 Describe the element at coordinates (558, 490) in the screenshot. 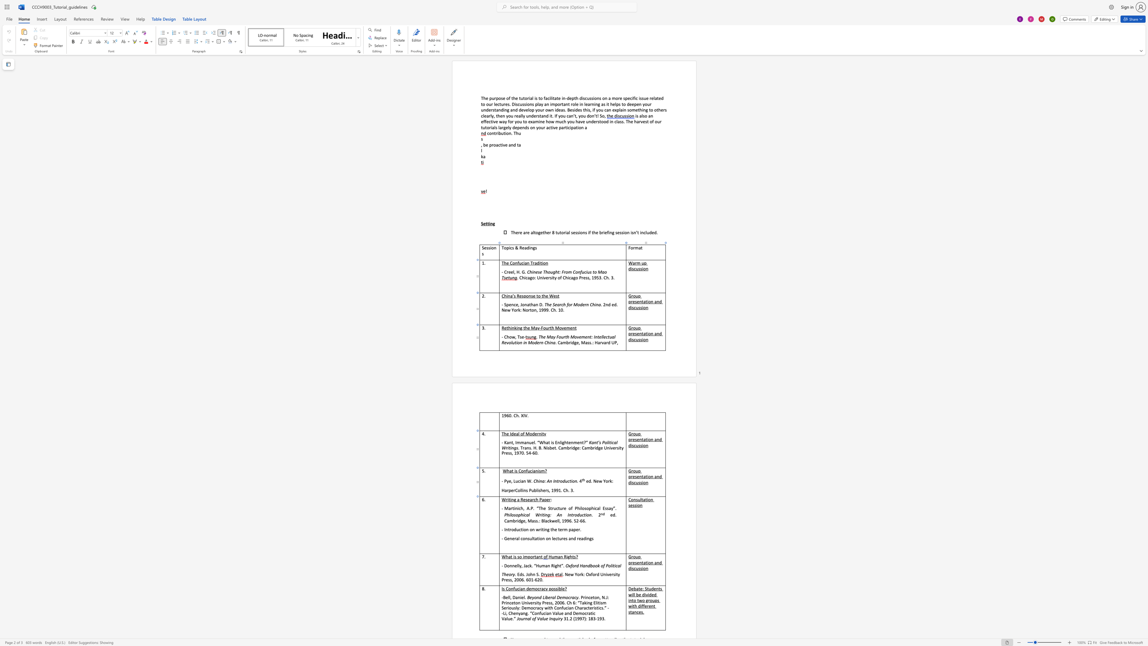

I see `the space between the continuous character "9" and "1" in the text` at that location.